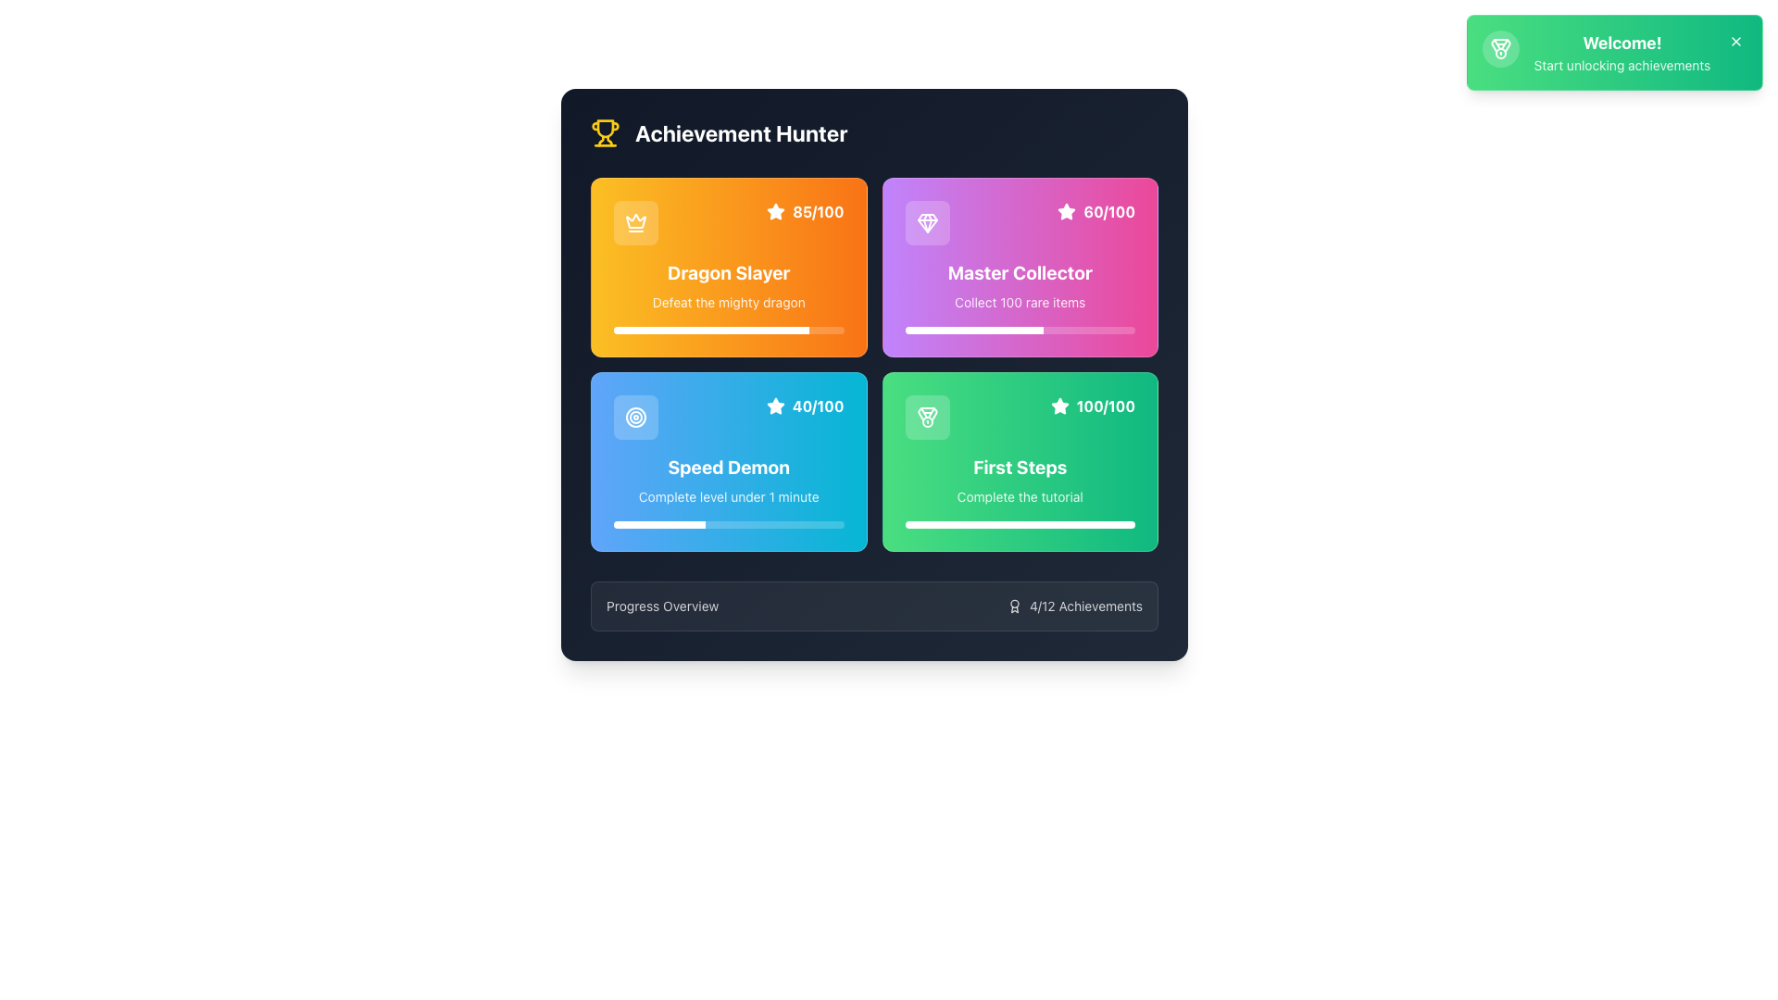 The width and height of the screenshot is (1778, 1000). What do you see at coordinates (927, 222) in the screenshot?
I see `the diamond-shaped icon styled in white on a purple background, located near the top-right of the 'Master Collector' card` at bounding box center [927, 222].